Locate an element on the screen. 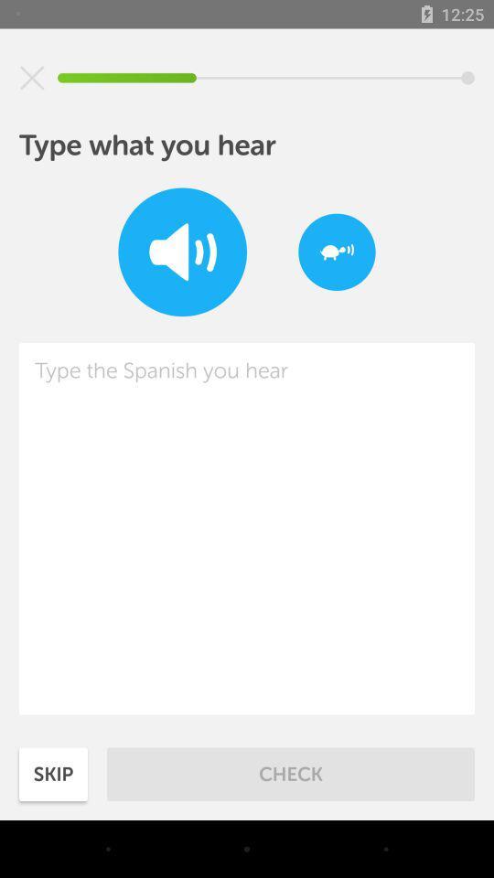 The width and height of the screenshot is (494, 878). type text is located at coordinates (247, 529).